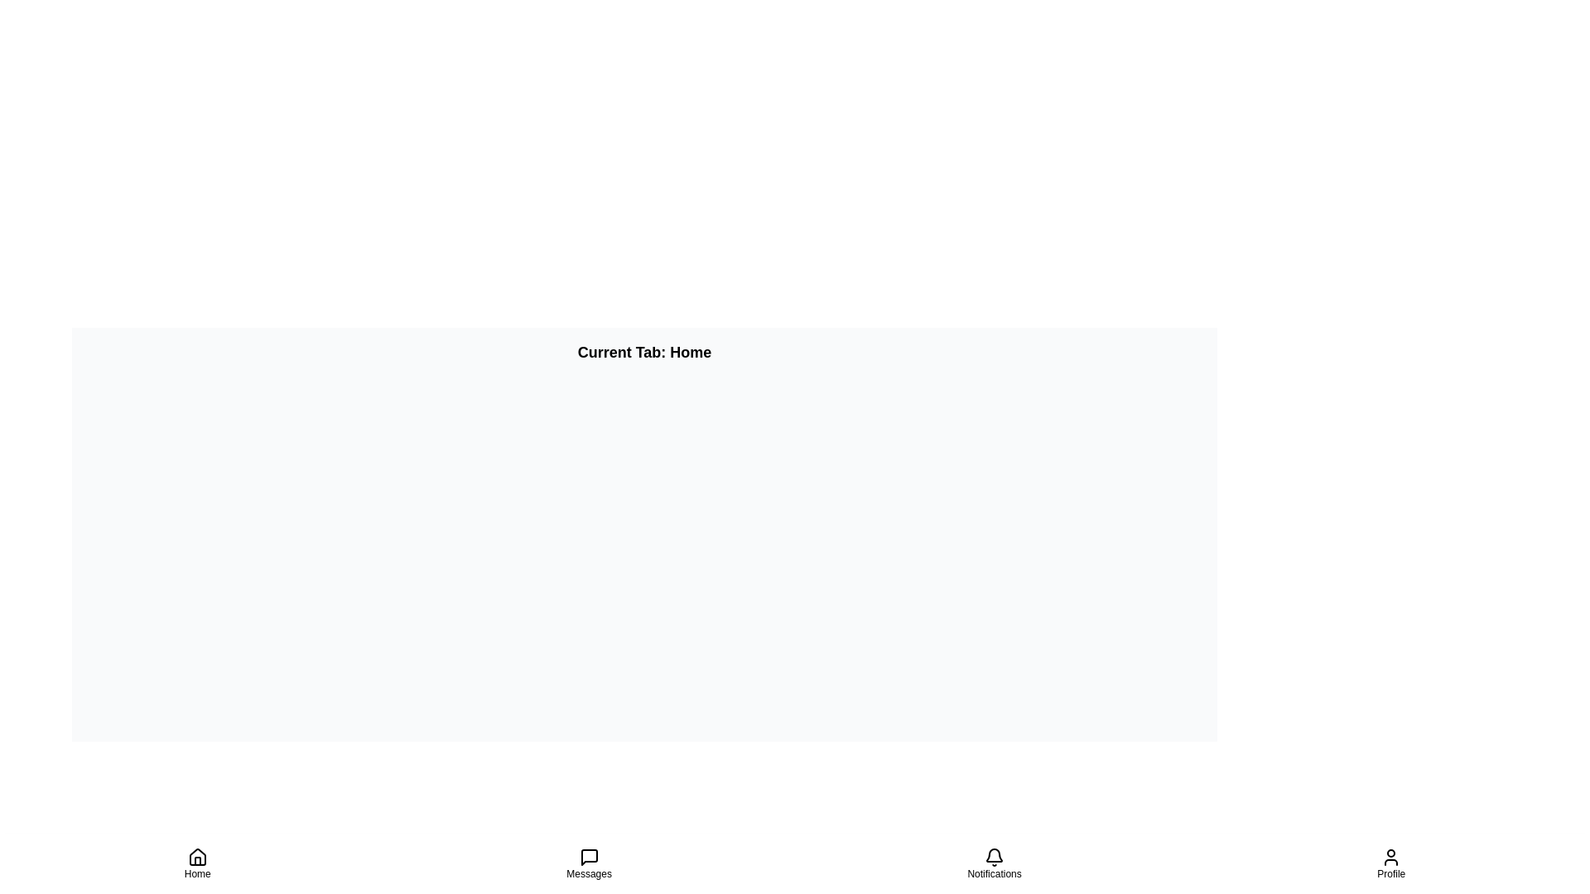  Describe the element at coordinates (589, 857) in the screenshot. I see `the Icon segment of the 'Messages' icon in the navigation bar, which is a decorative part of the graphical icon, positioned above the 'Messages' label` at that location.